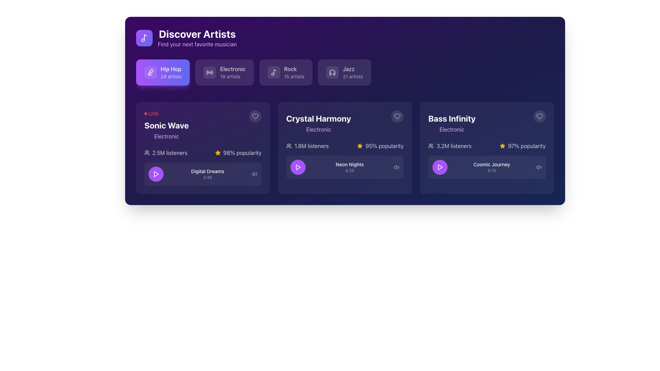  What do you see at coordinates (209, 72) in the screenshot?
I see `the small, circular icon with concentric arcs located within the 'Electronic' button, positioned to the left of the text label` at bounding box center [209, 72].